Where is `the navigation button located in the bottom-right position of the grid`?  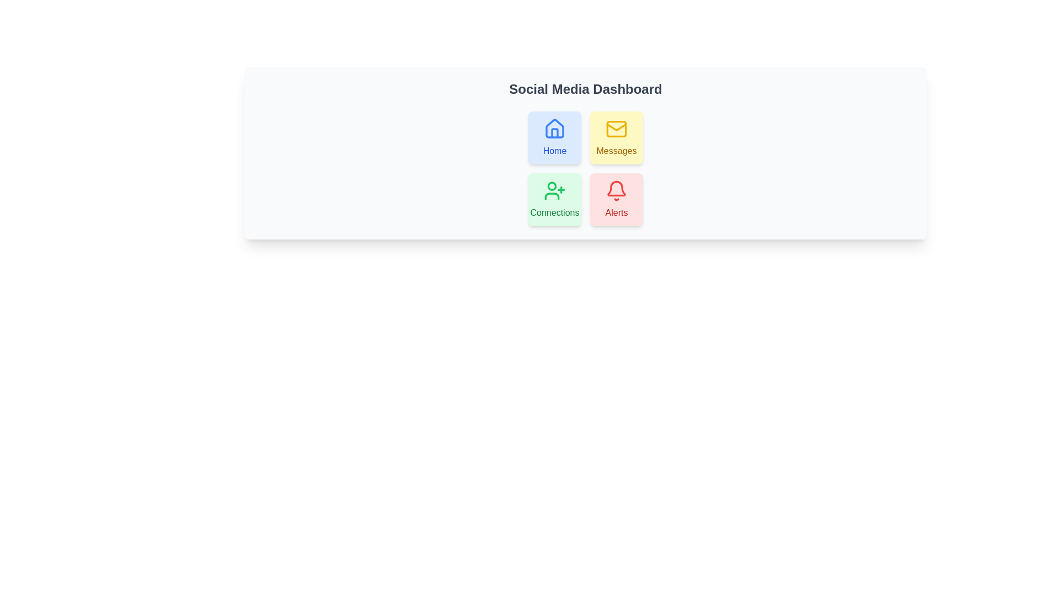 the navigation button located in the bottom-right position of the grid is located at coordinates (616, 200).